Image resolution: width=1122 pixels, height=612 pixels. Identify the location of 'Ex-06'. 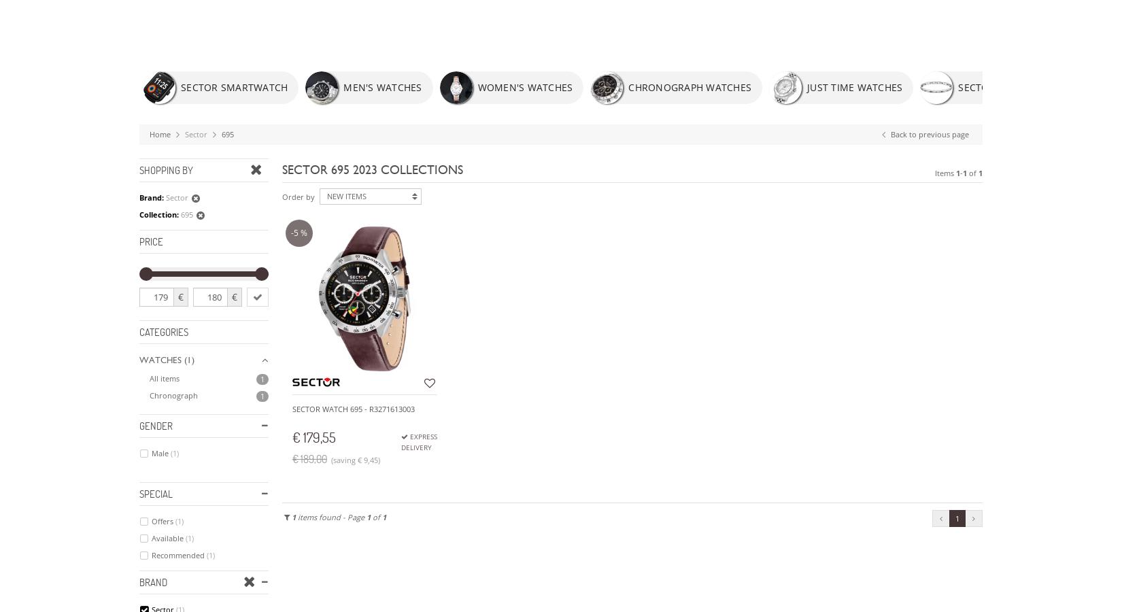
(160, 182).